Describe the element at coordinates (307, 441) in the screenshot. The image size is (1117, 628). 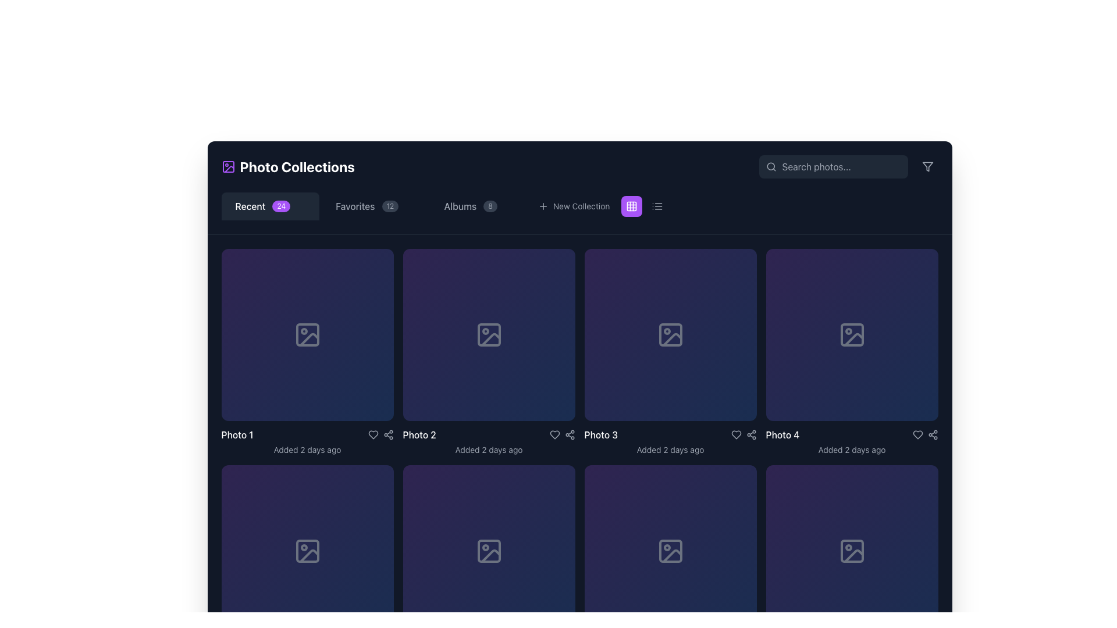
I see `the text display component that shows metadata for 'Photo 1' in the first card of the horizontal grid layout` at that location.